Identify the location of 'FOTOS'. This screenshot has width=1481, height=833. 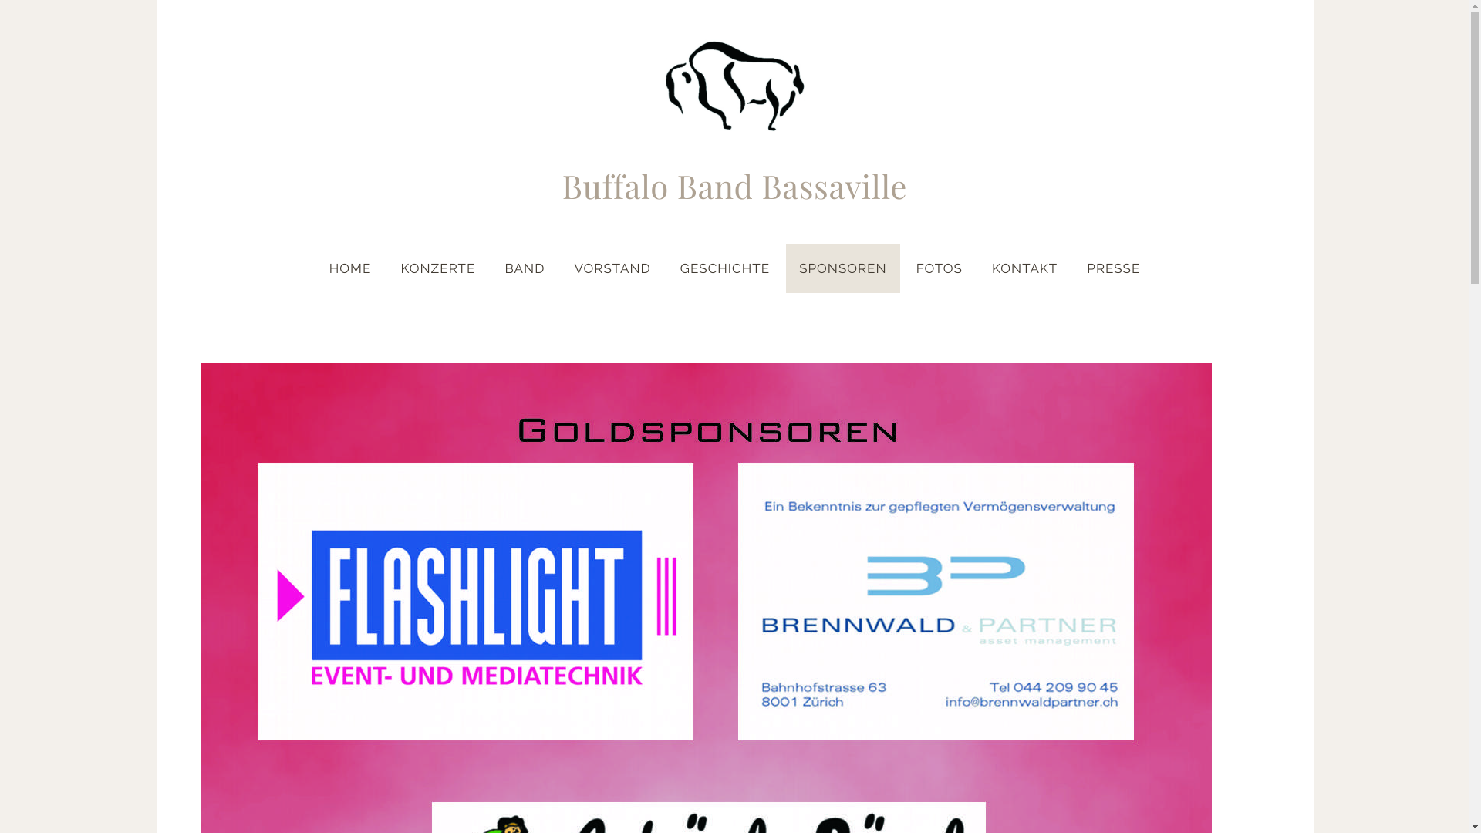
(903, 267).